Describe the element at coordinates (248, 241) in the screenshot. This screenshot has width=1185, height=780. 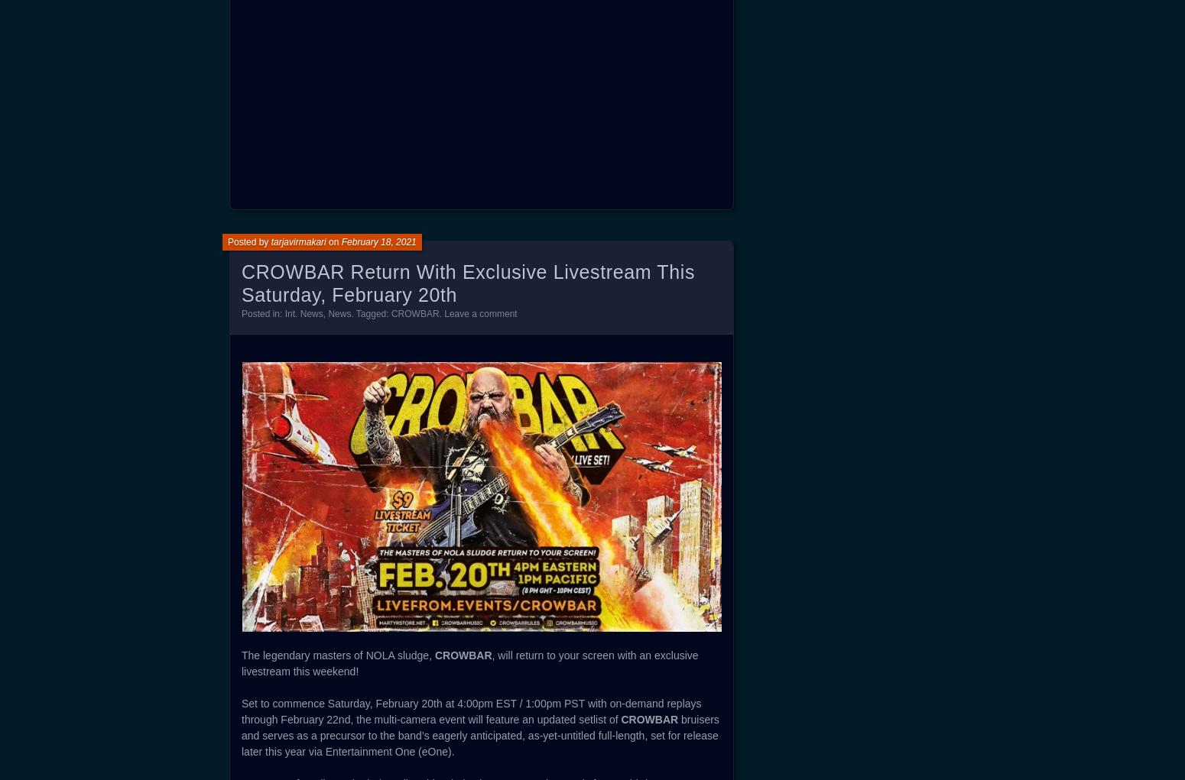
I see `'Posted by'` at that location.